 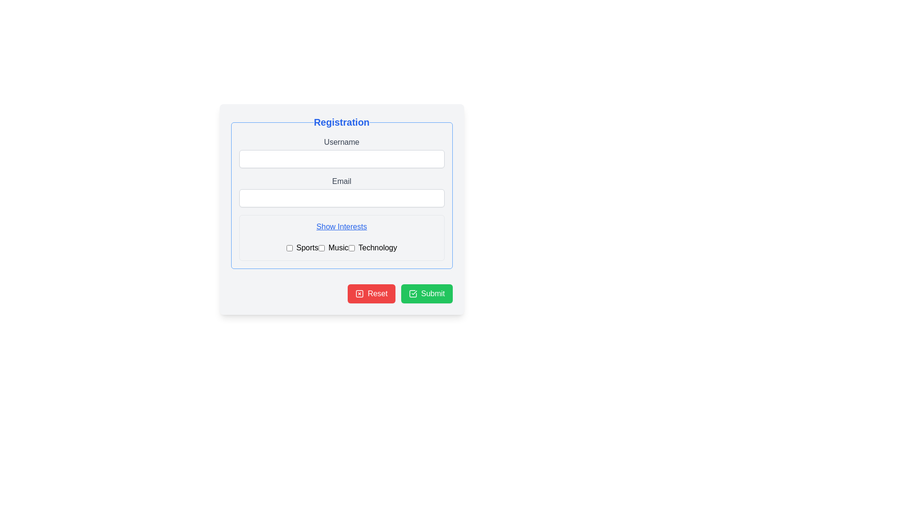 I want to click on the text label displaying 'Email', which is styled in medium-sized, bold gray text and located centrally beneath the 'Username' label and above the email input field, so click(x=341, y=182).